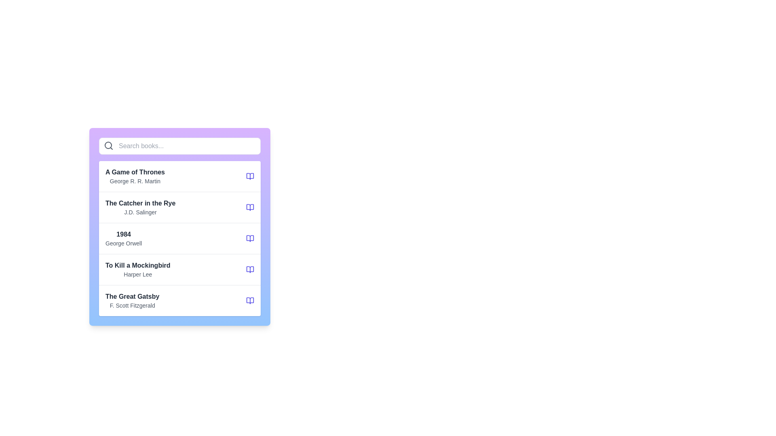  What do you see at coordinates (123, 243) in the screenshot?
I see `the text label displaying 'George Orwell' located below the title '1984' in the third entry of a vertically stacked list of books` at bounding box center [123, 243].